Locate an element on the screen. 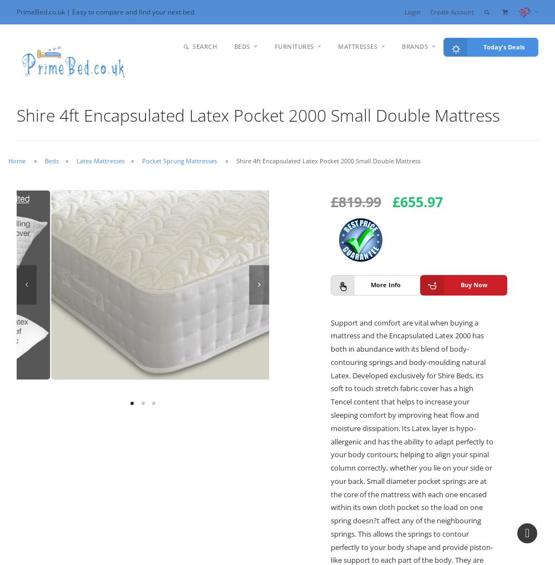 Image resolution: width=555 pixels, height=565 pixels. 'Login' is located at coordinates (412, 11).